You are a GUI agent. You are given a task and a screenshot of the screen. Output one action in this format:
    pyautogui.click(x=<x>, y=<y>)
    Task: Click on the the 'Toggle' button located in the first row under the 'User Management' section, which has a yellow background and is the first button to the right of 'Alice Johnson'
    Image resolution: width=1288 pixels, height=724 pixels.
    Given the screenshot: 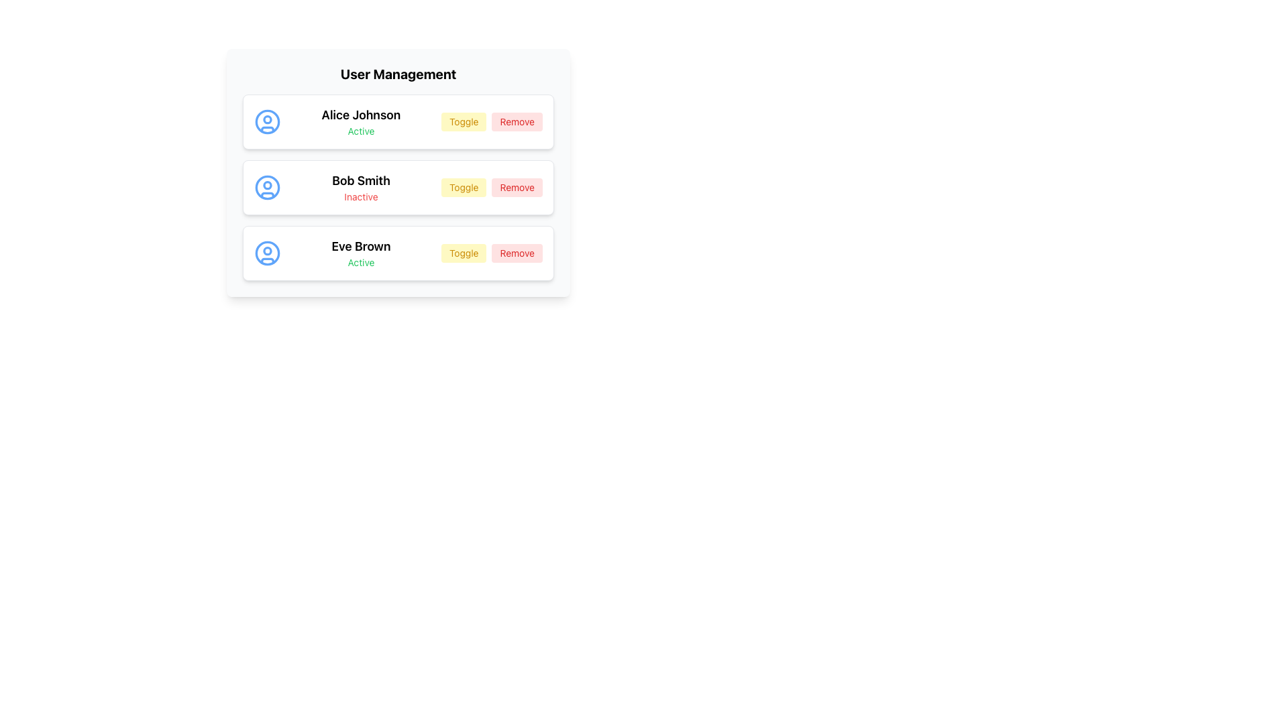 What is the action you would take?
    pyautogui.click(x=464, y=121)
    